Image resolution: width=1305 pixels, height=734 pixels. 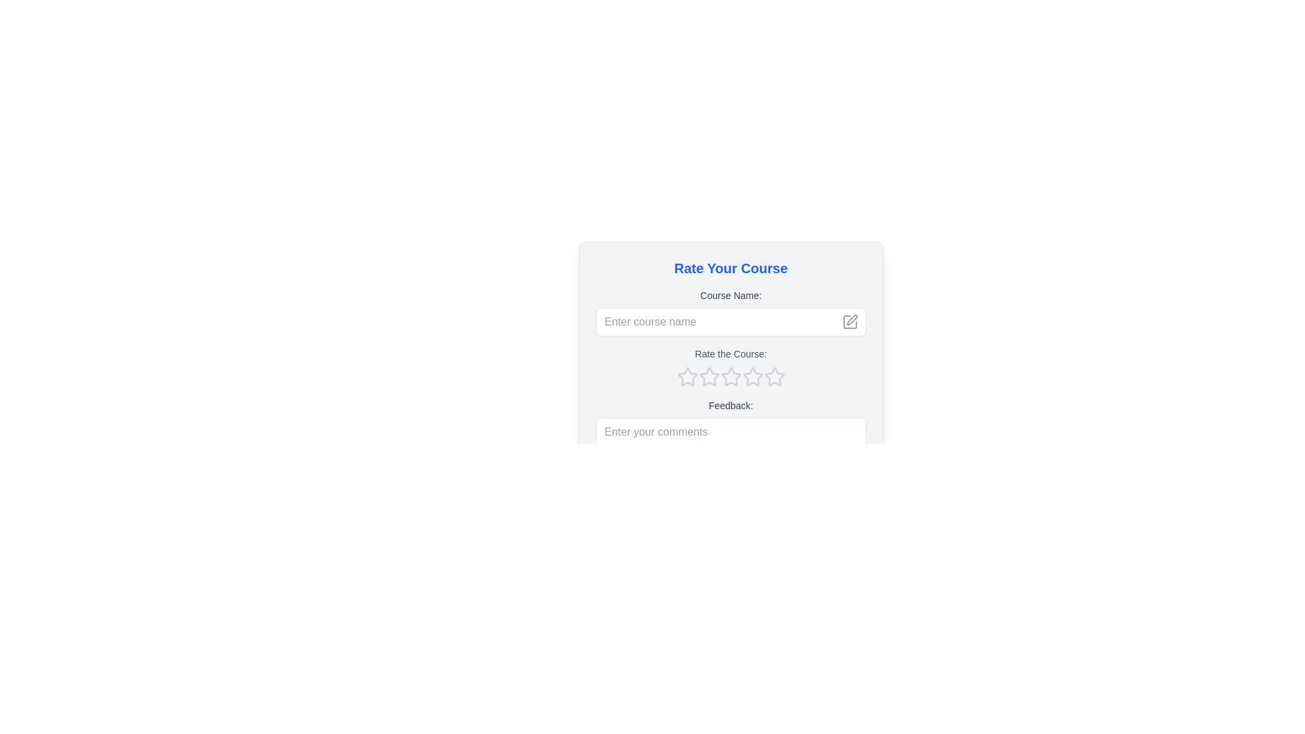 I want to click on the Text Label that serves as a label for the input area where users can provide their feedback, located below 'Rate the Course:' and above 'Enter your comments', so click(x=730, y=405).